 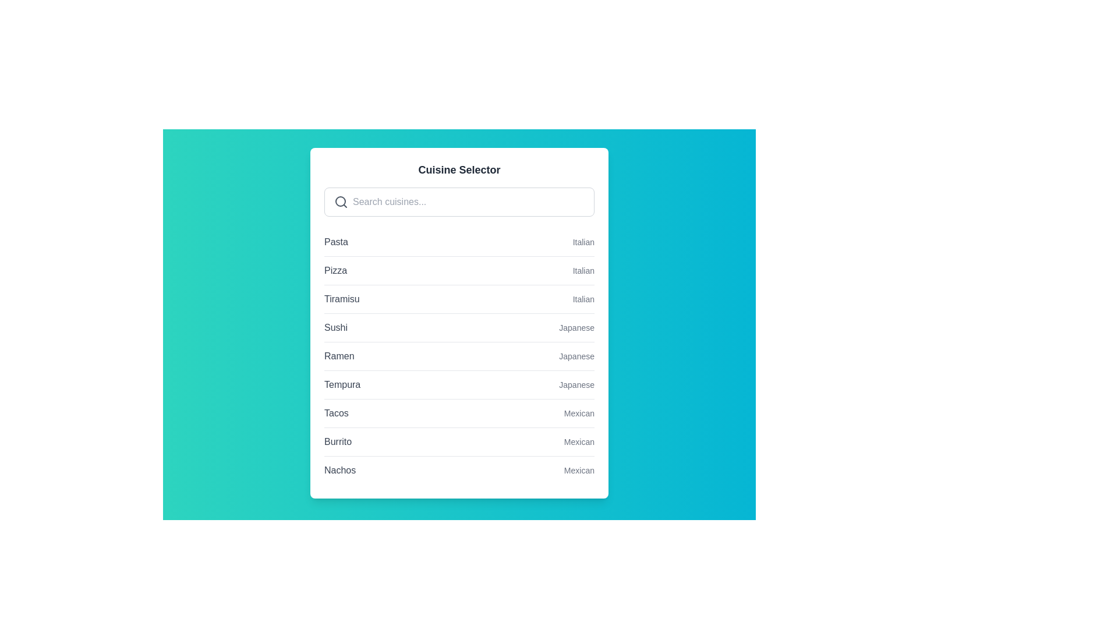 I want to click on text label displaying 'Italian' which is aligned to the right of the title 'Tiramisu' in a minimalist gray font, so click(x=583, y=298).